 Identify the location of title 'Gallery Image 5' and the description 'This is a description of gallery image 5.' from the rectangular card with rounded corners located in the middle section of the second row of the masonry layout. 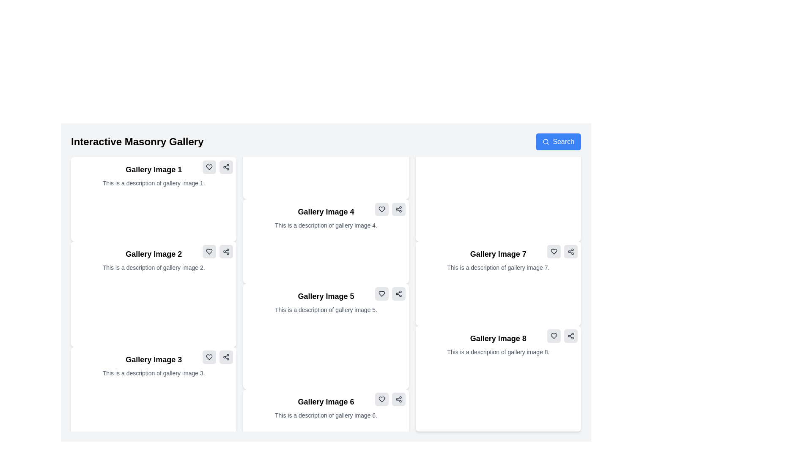
(326, 302).